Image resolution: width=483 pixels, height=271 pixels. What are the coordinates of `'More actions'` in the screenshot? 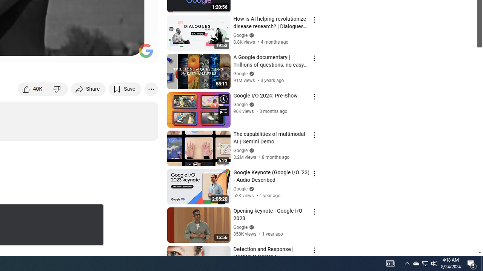 It's located at (151, 88).